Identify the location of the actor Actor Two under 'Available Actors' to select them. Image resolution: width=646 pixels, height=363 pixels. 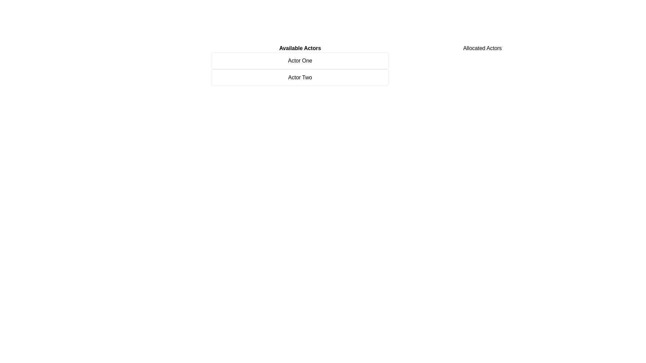
(300, 77).